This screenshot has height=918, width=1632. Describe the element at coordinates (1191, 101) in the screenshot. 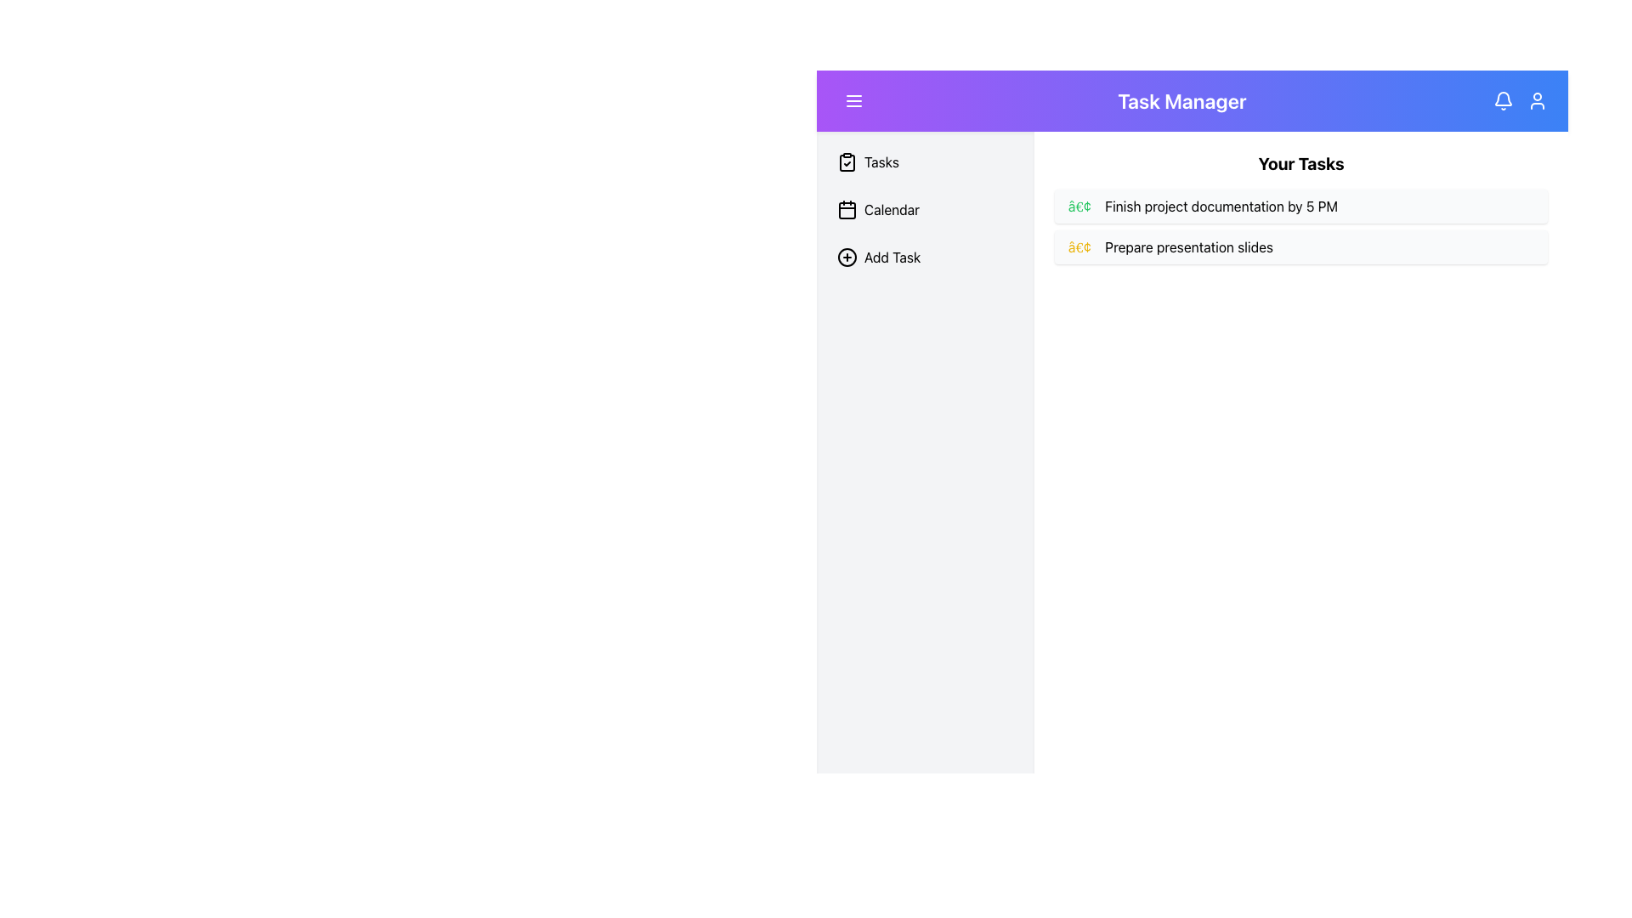

I see `the text in the header bar titled 'Task Manager' for application identification` at that location.